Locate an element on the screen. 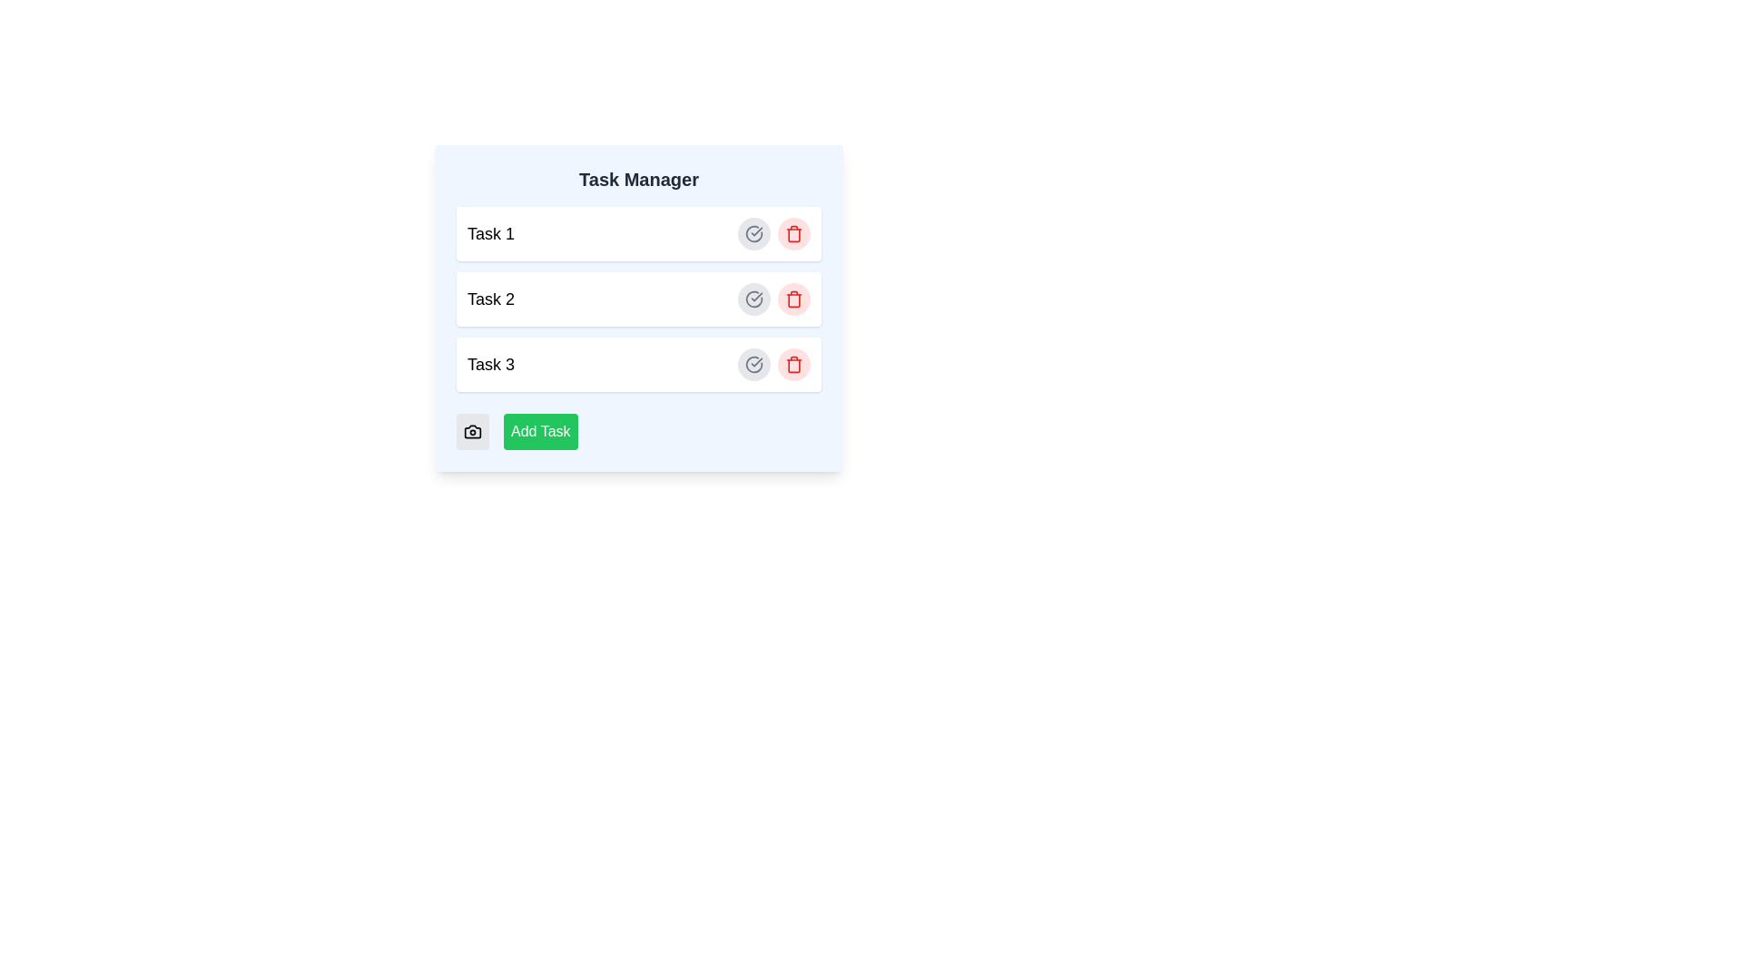 The width and height of the screenshot is (1743, 980). the circular gray button with a check mark icon is located at coordinates (753, 299).